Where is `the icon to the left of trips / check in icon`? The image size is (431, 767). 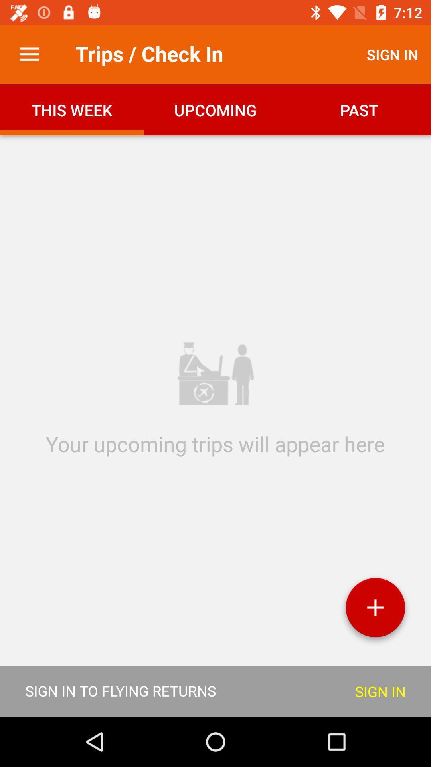 the icon to the left of trips / check in icon is located at coordinates (29, 54).